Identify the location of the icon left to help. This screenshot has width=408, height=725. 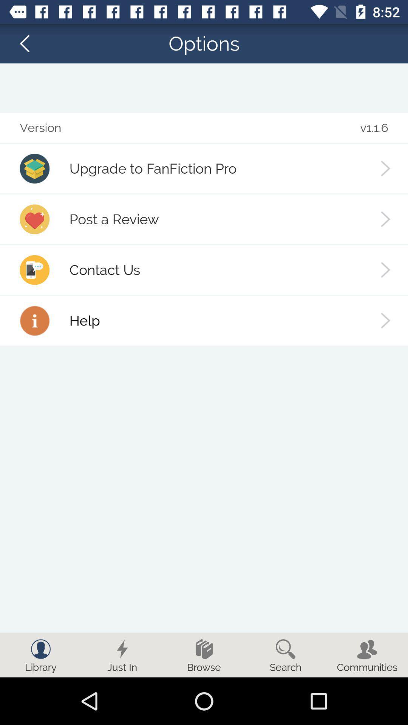
(35, 321).